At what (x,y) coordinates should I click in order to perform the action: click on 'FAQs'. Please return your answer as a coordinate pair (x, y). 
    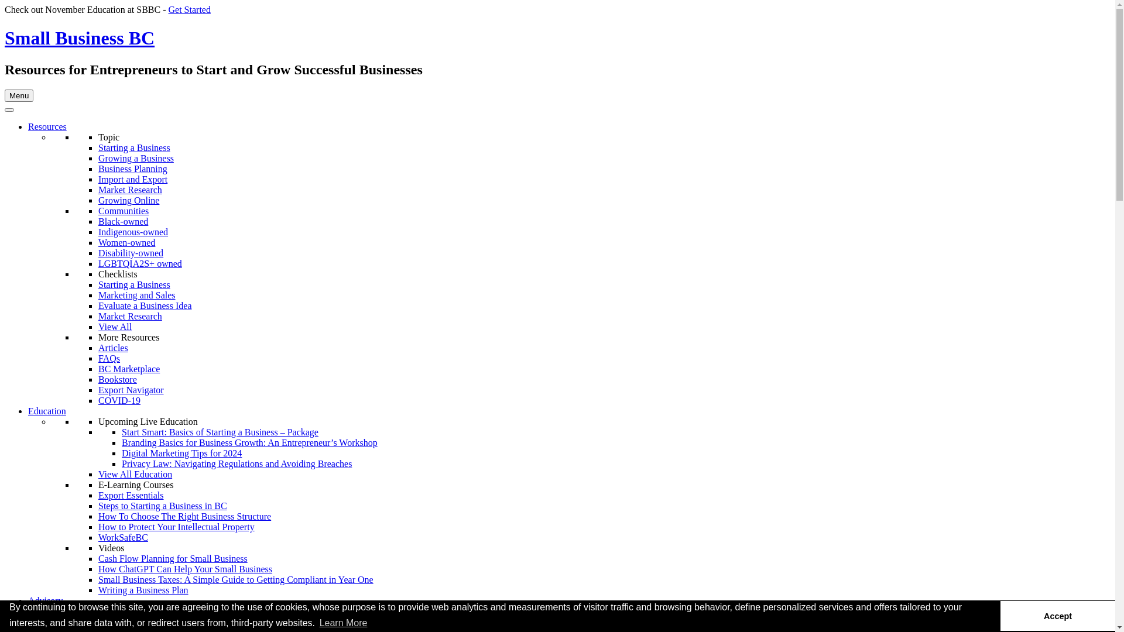
    Looking at the image, I should click on (109, 358).